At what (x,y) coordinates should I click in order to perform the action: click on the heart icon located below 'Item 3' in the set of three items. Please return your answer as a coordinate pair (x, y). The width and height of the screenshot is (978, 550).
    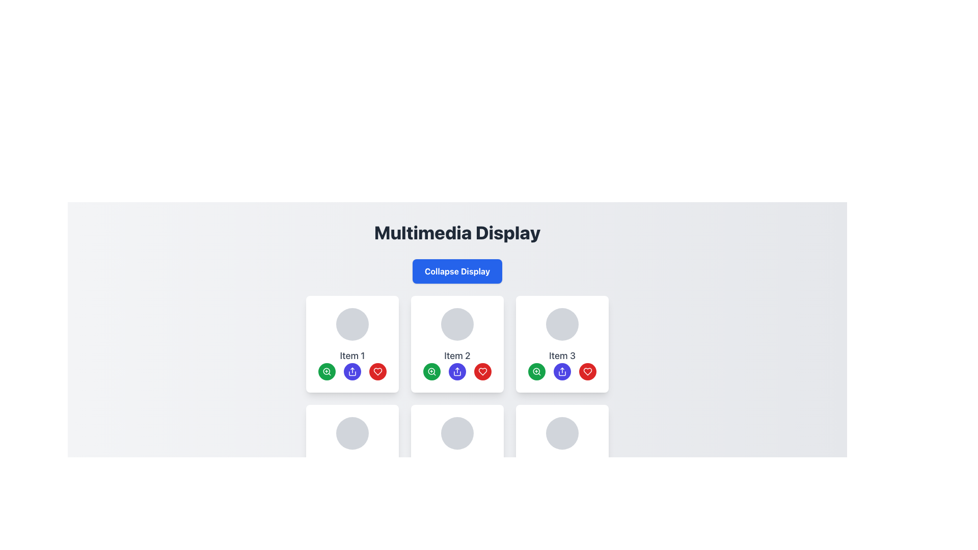
    Looking at the image, I should click on (377, 371).